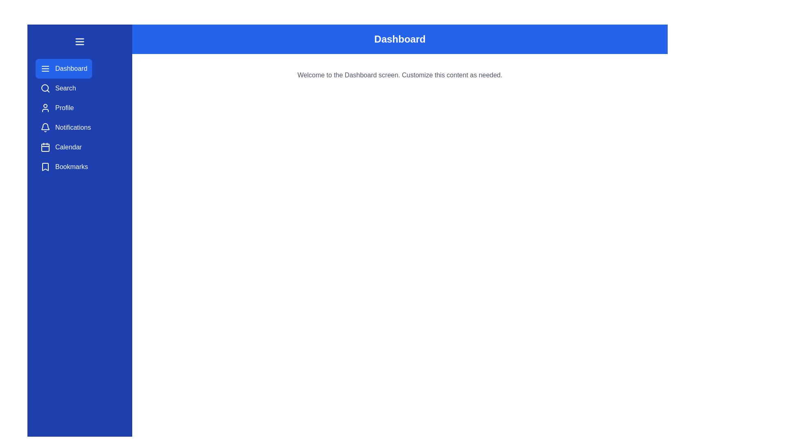 The image size is (786, 442). I want to click on the minimalist calendar icon located in the left sidebar menu, so click(45, 147).